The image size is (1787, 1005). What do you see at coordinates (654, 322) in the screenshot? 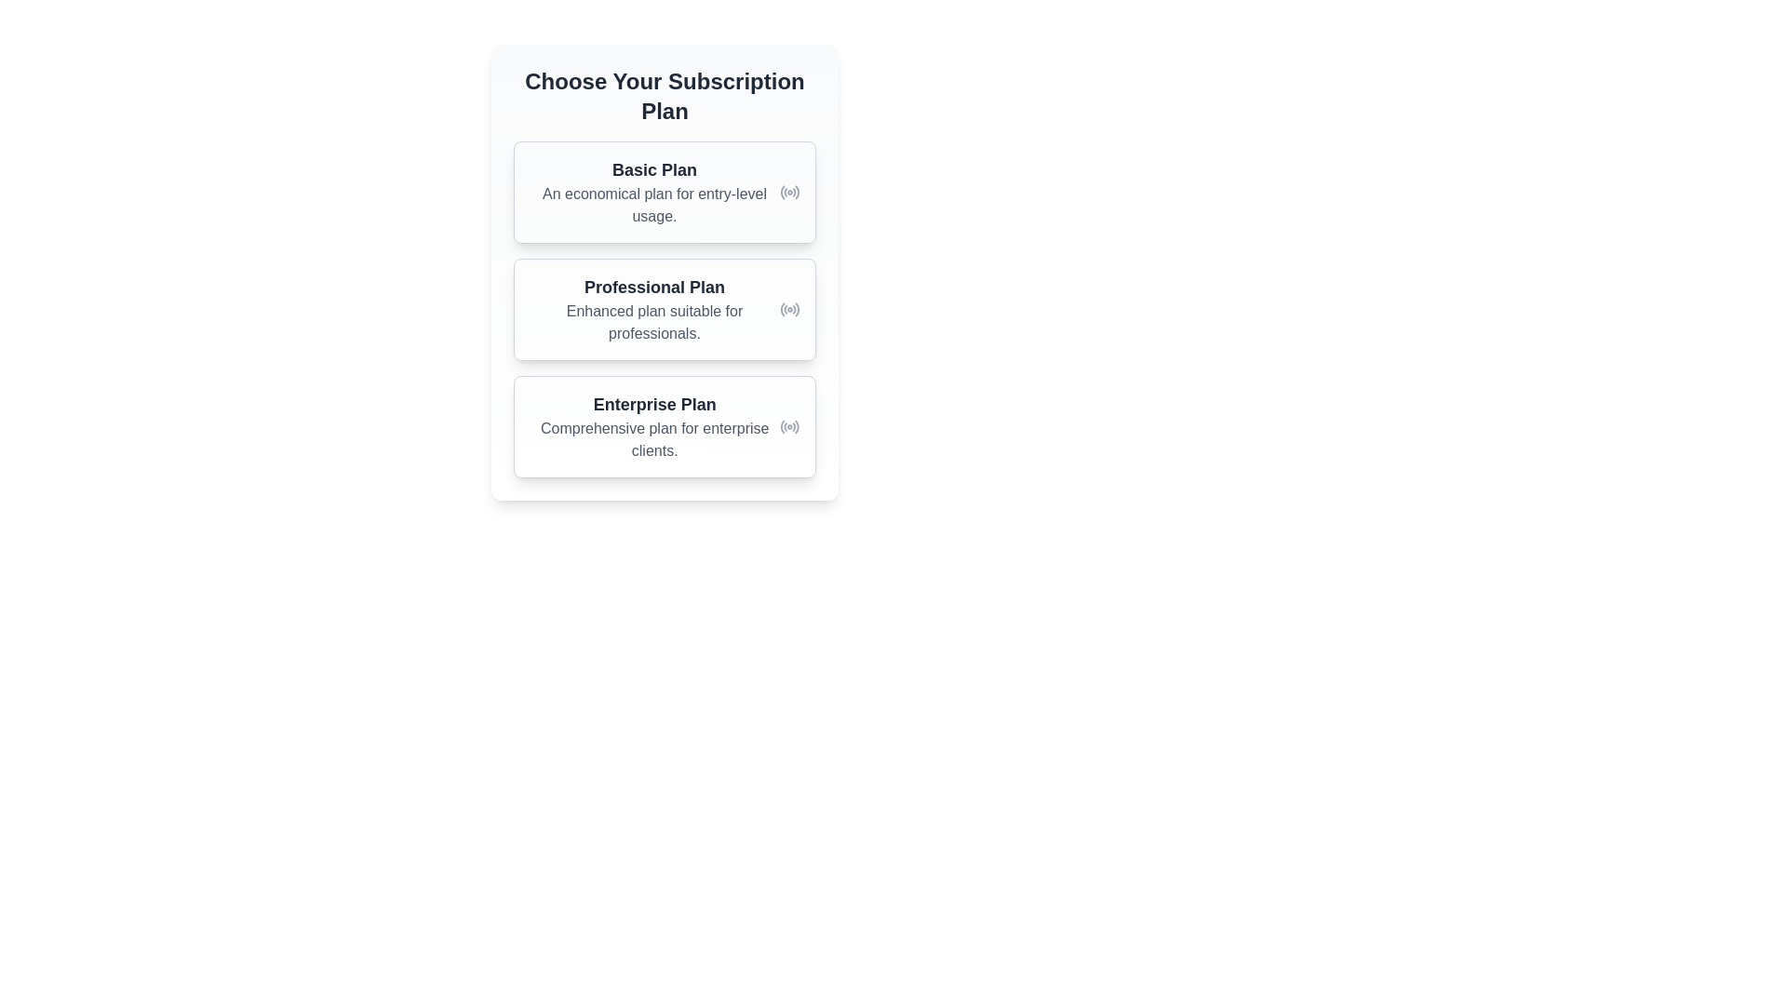
I see `the descriptive text providing additional details about the 'Professional Plan' subscription option, located below the 'Professional Plan' header and positioned in the middle of the subscription plan listing interface` at bounding box center [654, 322].